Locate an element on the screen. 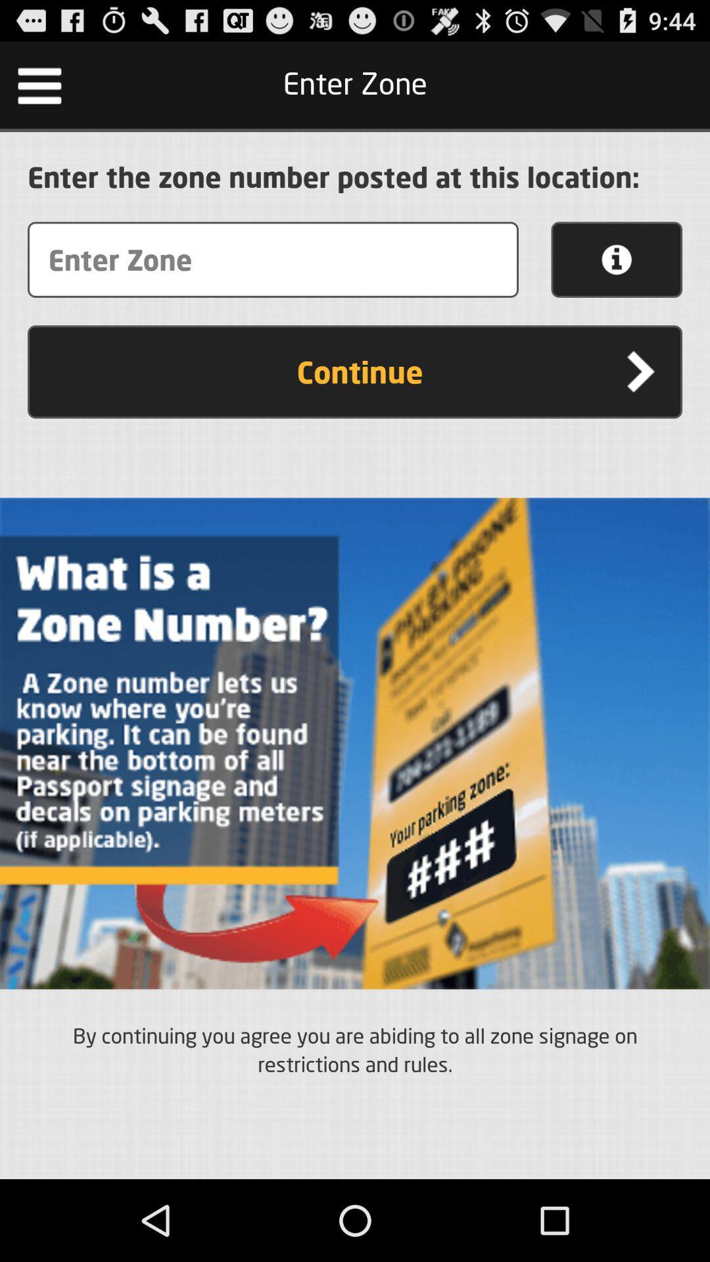 Image resolution: width=710 pixels, height=1262 pixels. the item below the enter the zone icon is located at coordinates (617, 260).